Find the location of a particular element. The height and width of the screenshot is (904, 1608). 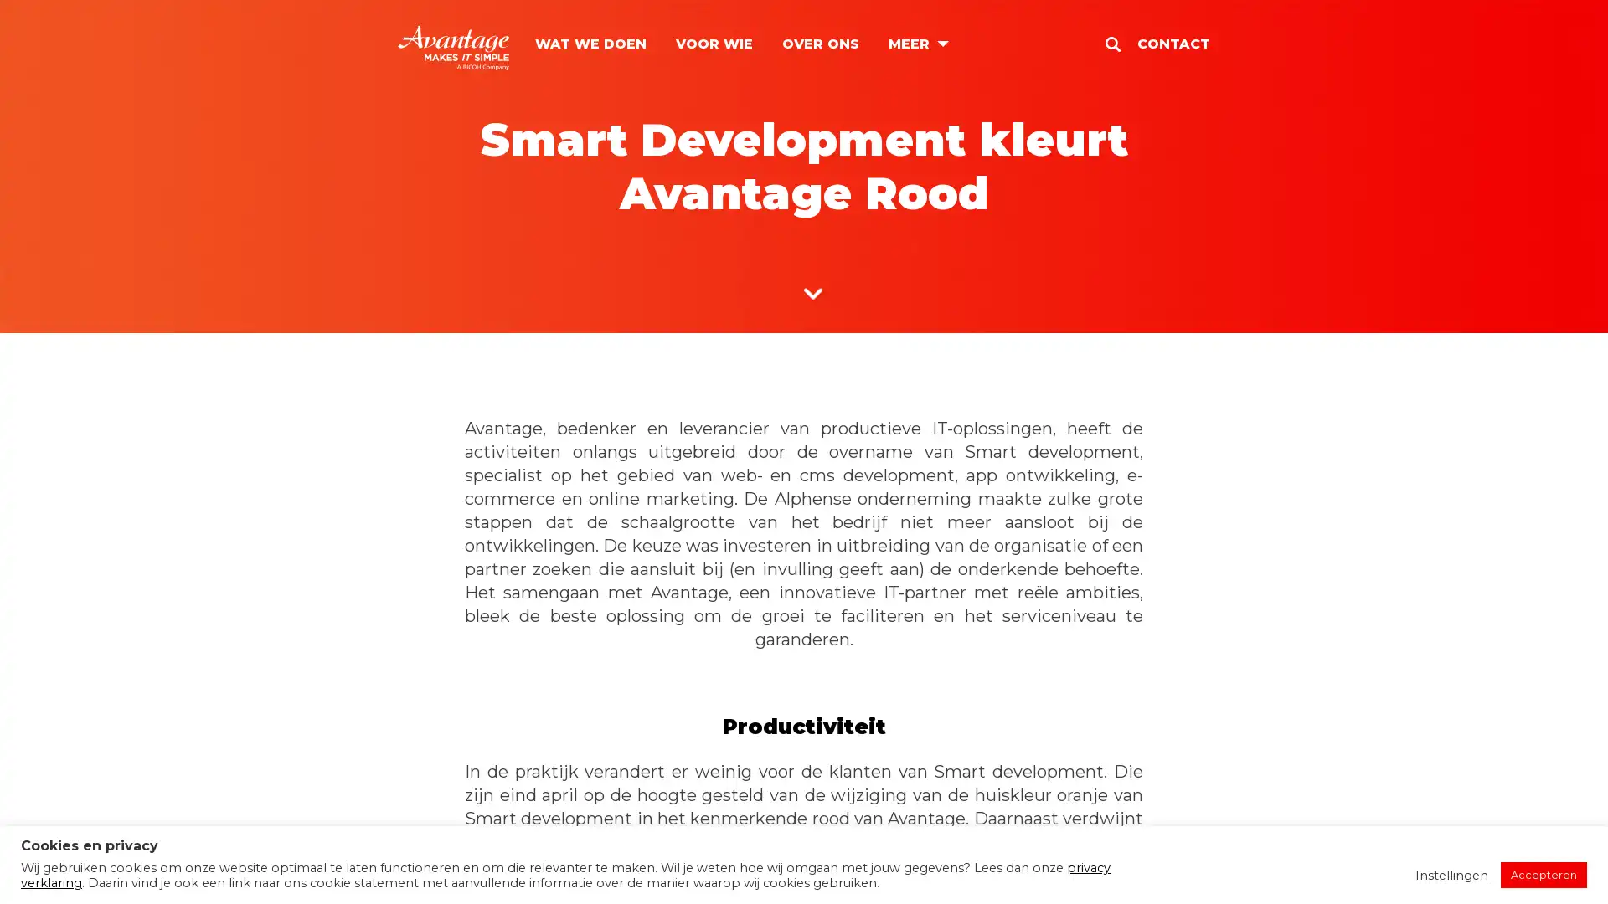

Accepteren is located at coordinates (1543, 874).